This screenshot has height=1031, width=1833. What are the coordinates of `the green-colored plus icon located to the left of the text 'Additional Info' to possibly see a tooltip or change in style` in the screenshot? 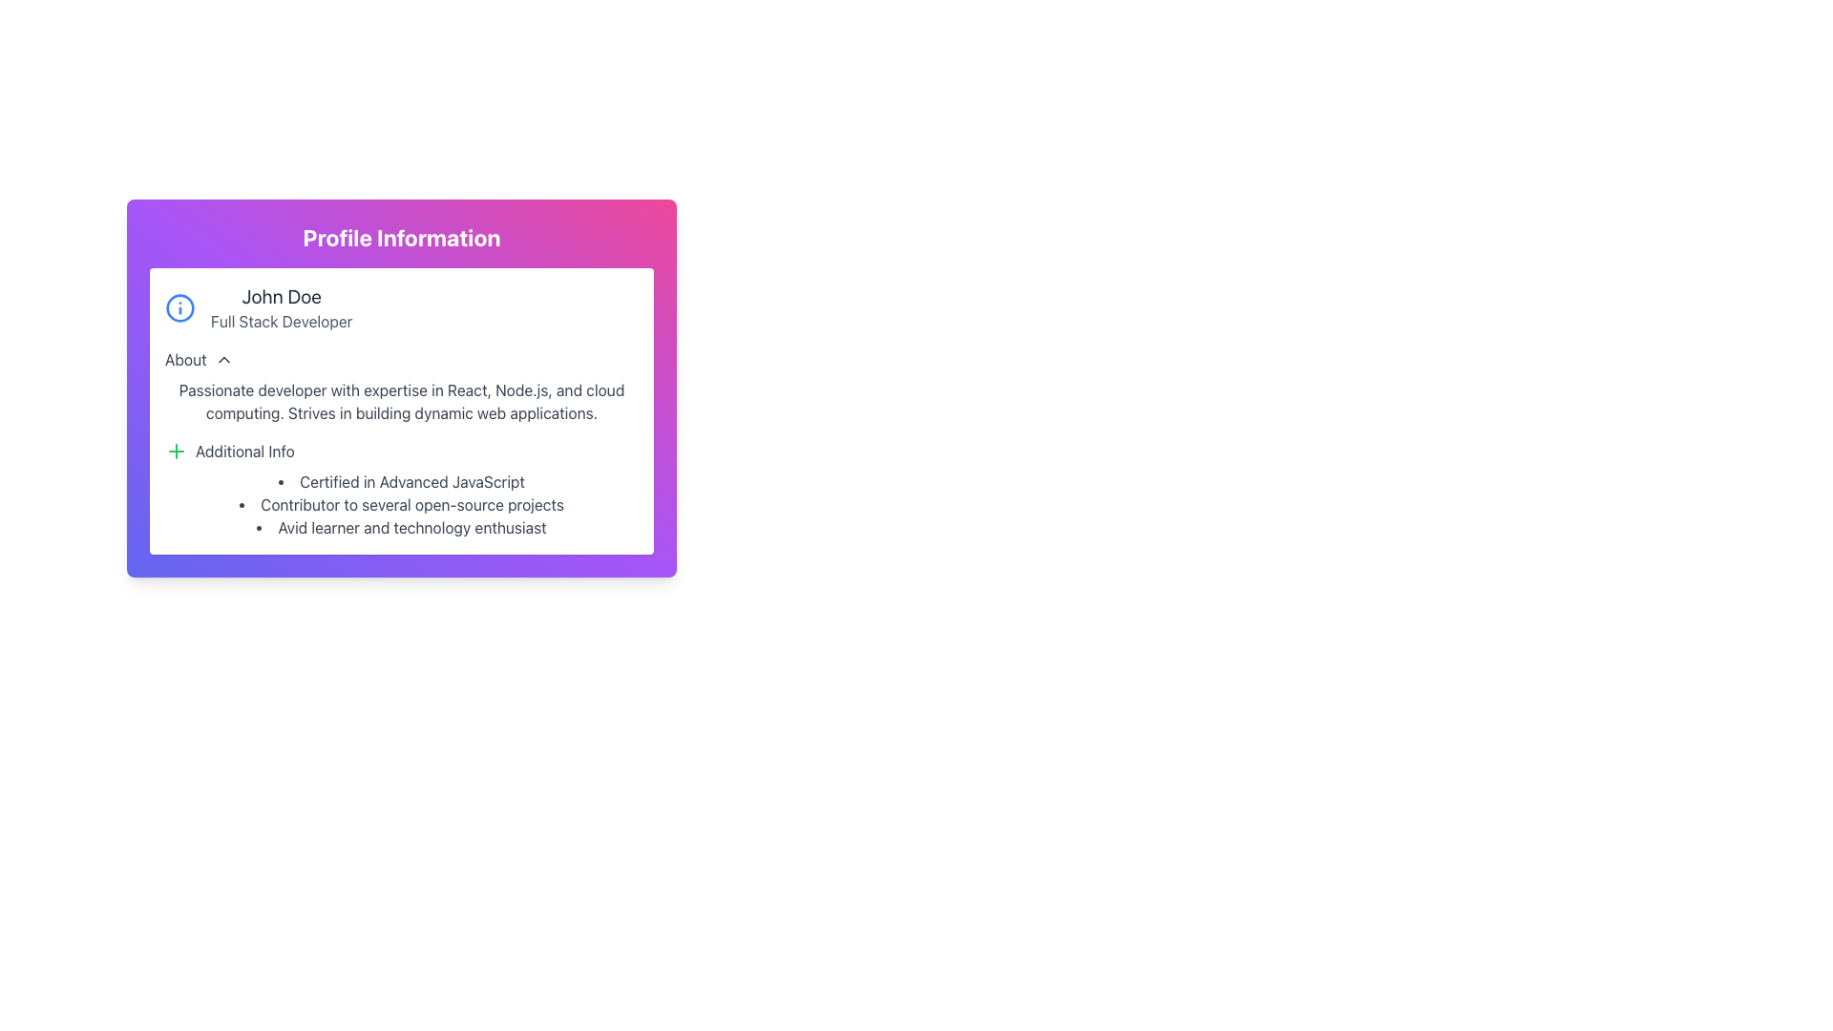 It's located at (177, 452).